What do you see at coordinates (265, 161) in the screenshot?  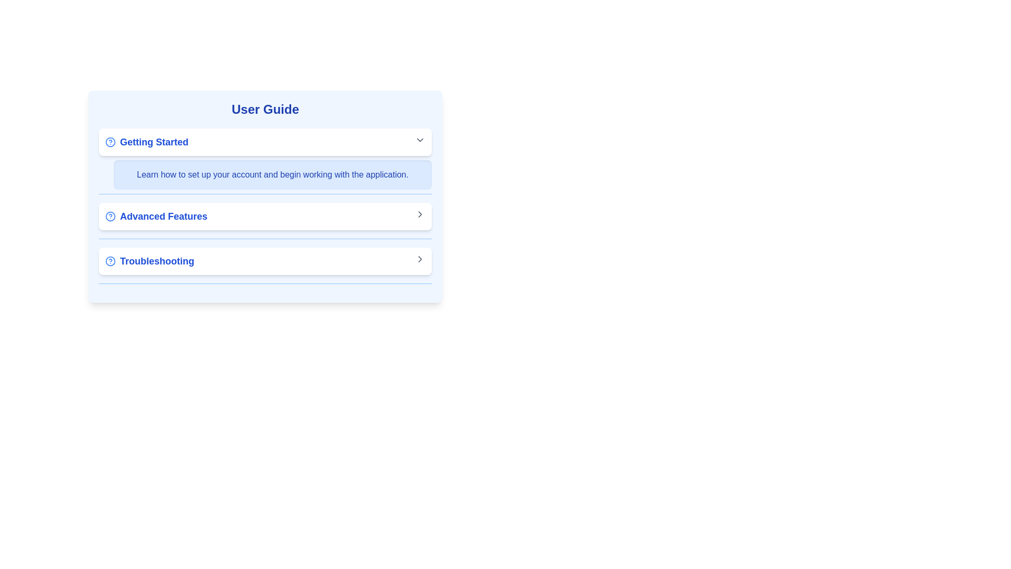 I see `informative content in the onboarding section of the User Guide, which is the first section following the 'User Guide' title` at bounding box center [265, 161].